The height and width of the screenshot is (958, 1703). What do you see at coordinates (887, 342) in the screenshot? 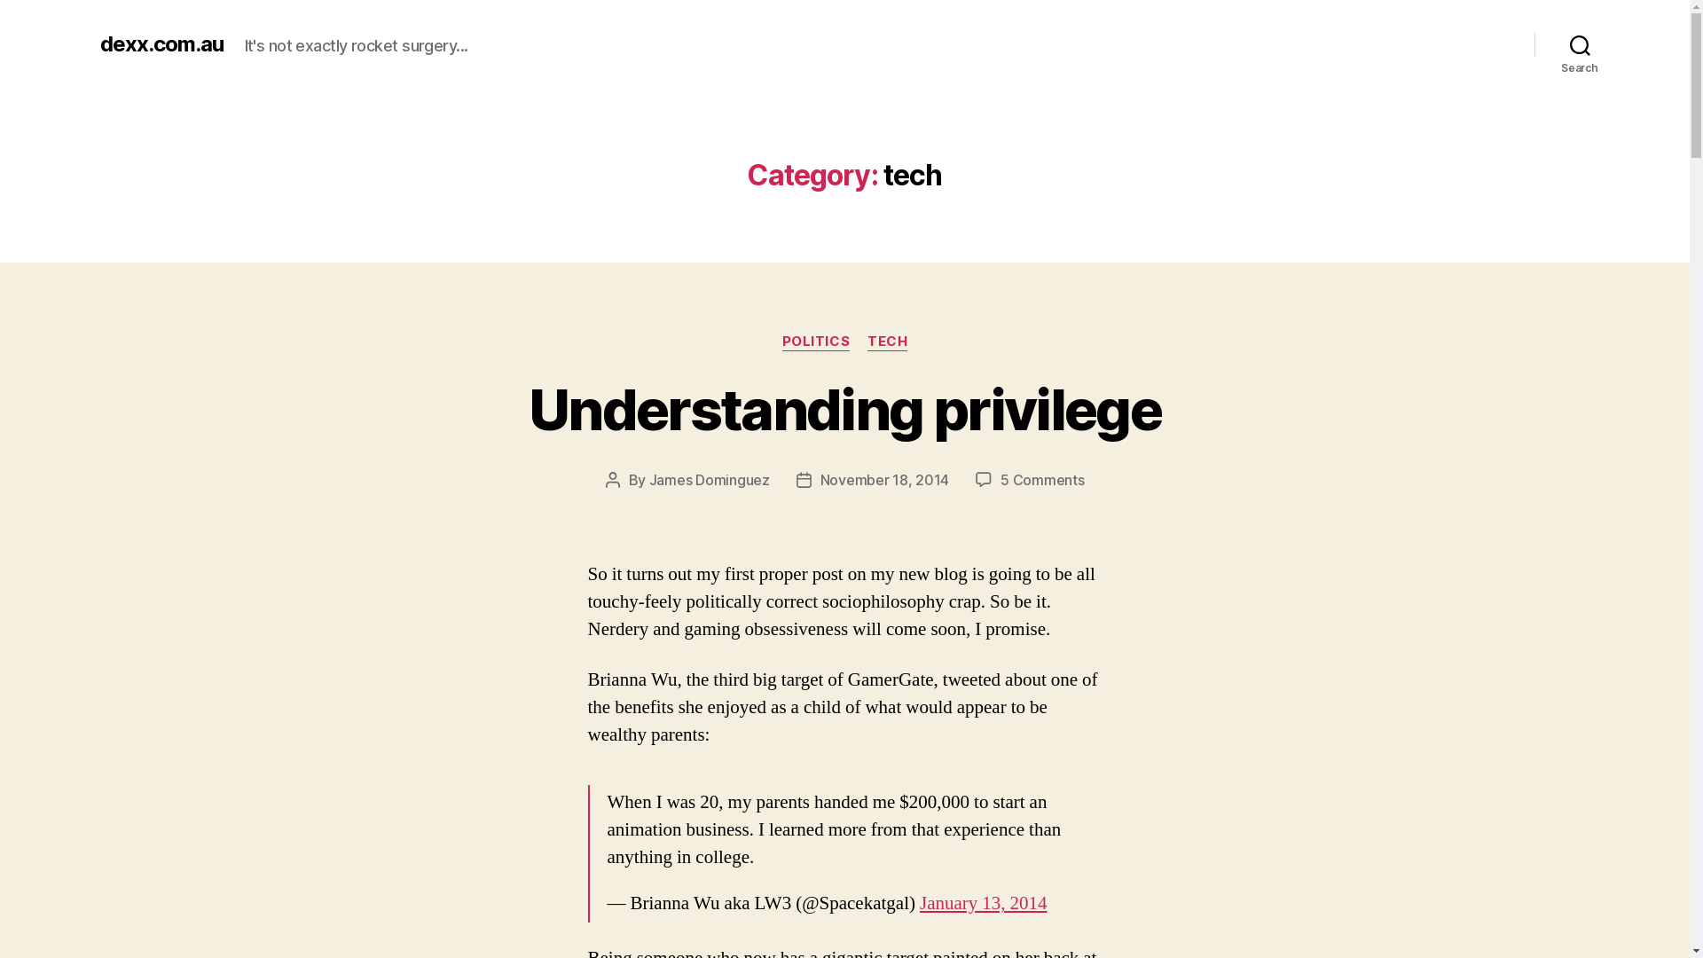
I see `'TECH'` at bounding box center [887, 342].